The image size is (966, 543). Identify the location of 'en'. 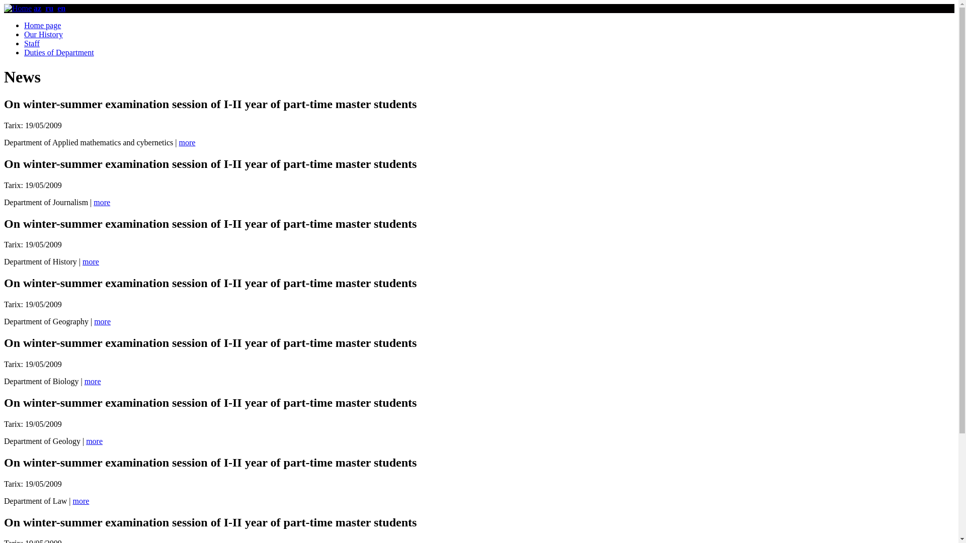
(60, 8).